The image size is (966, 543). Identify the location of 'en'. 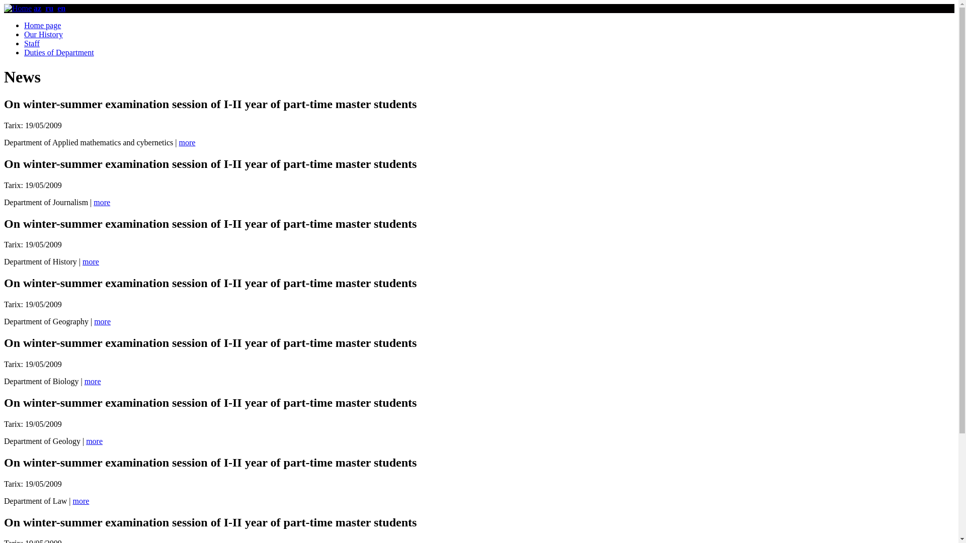
(60, 8).